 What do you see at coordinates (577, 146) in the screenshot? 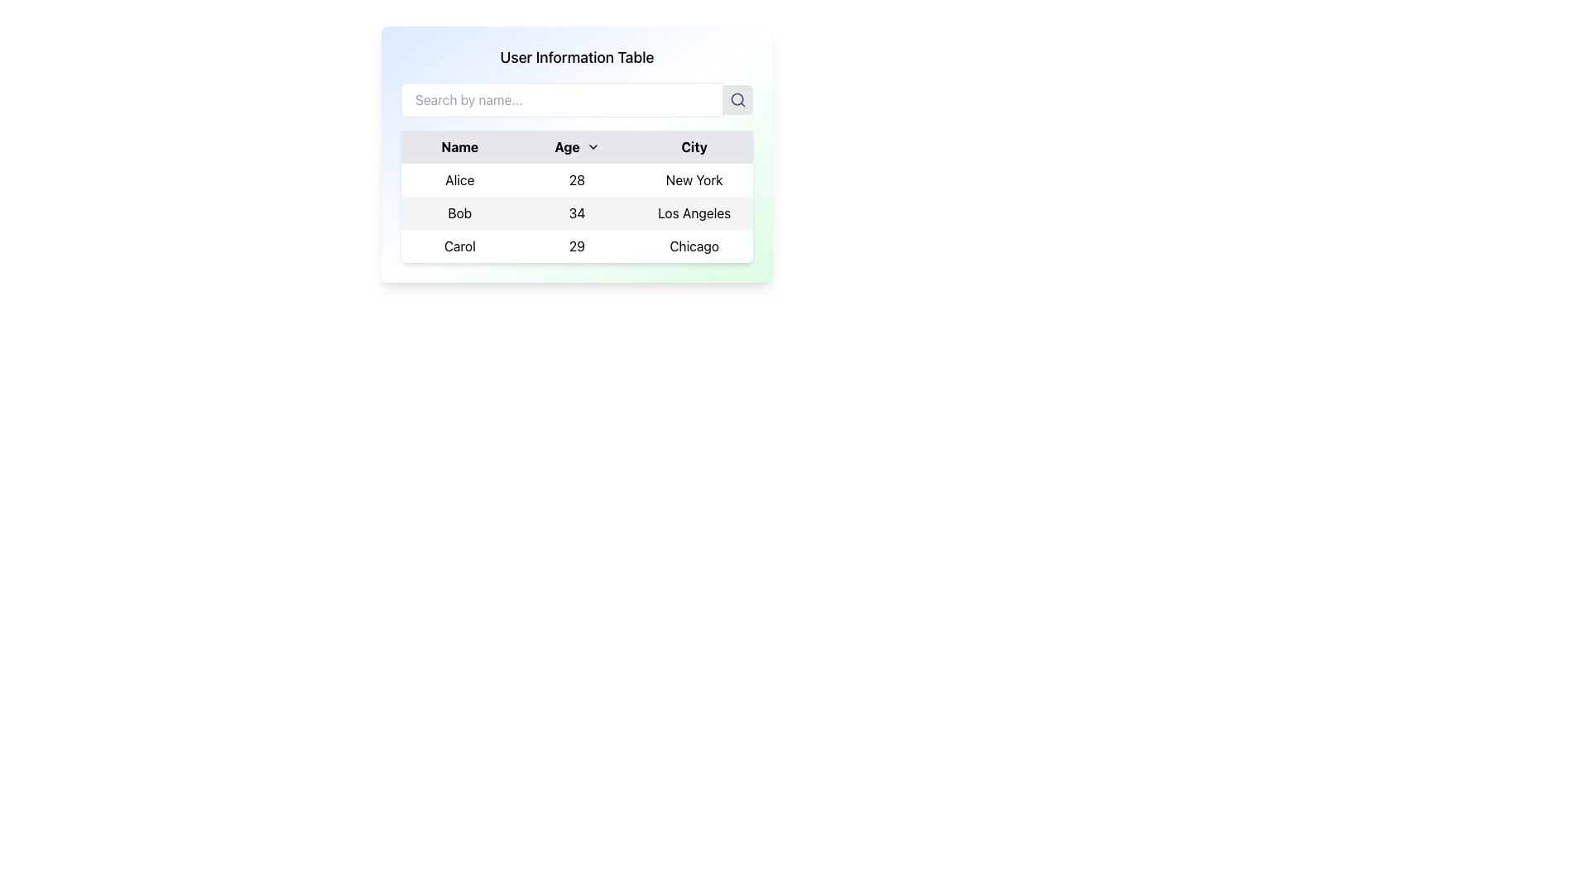
I see `the 'Age' column header in the sortable table` at bounding box center [577, 146].